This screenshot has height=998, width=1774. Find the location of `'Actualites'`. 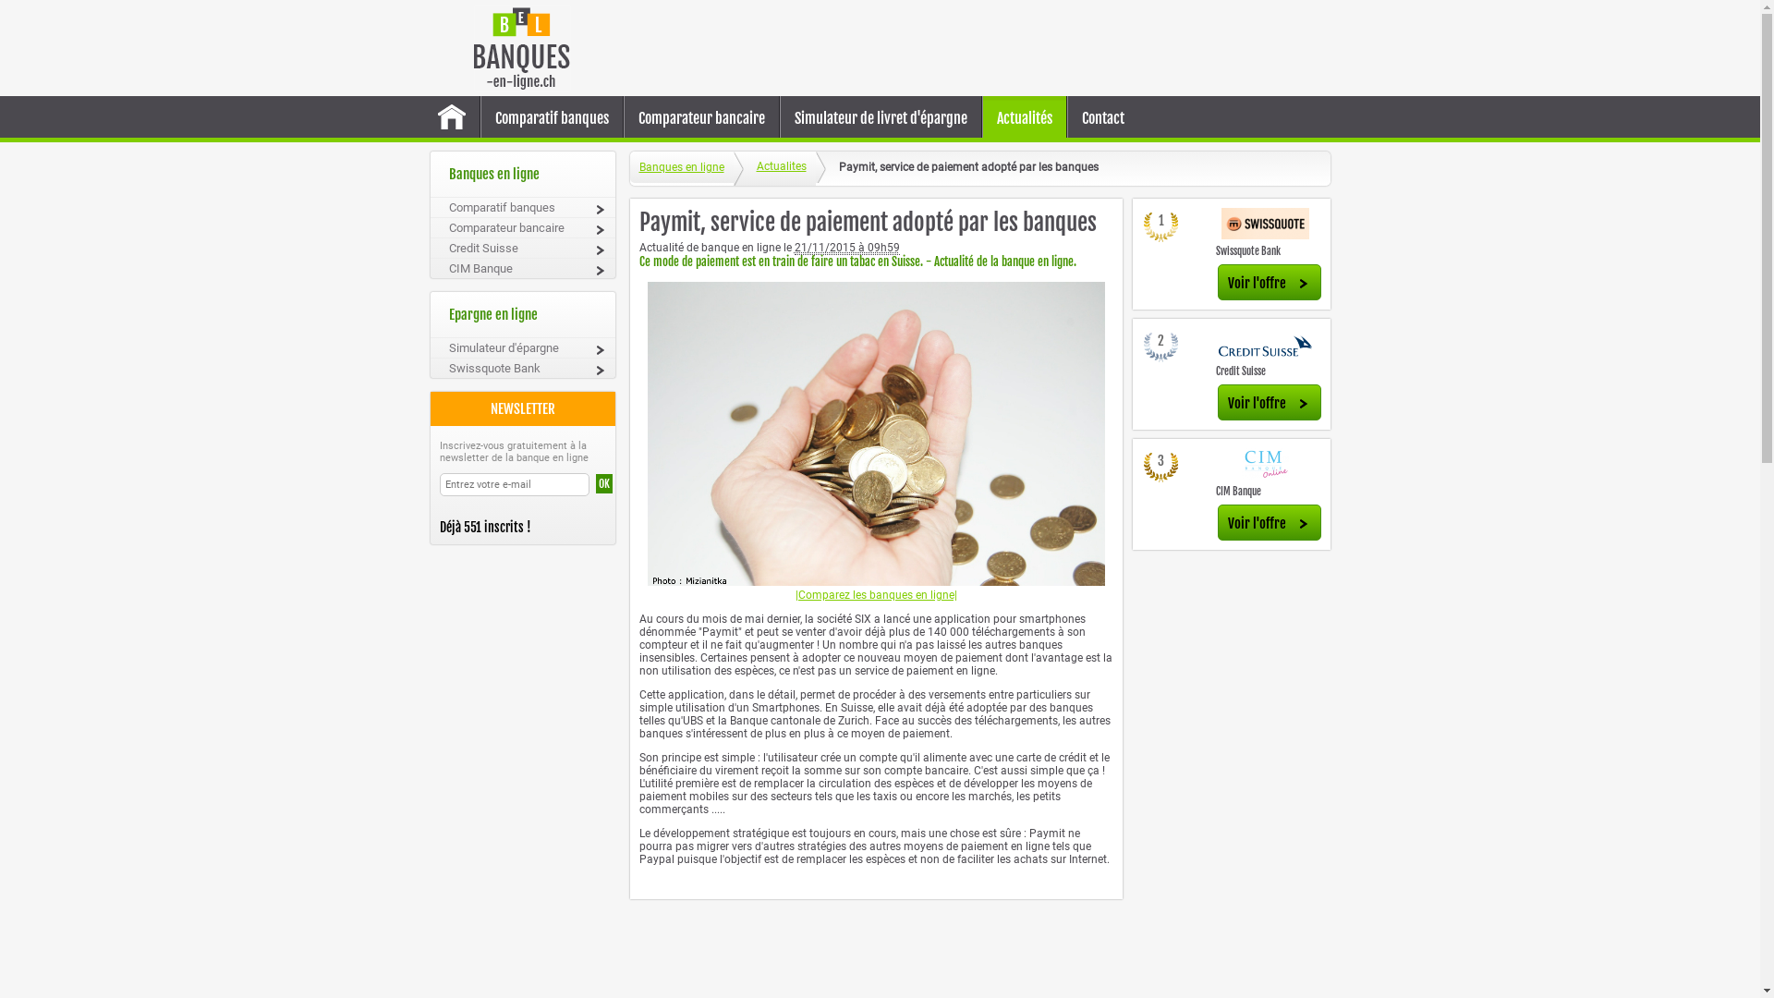

'Actualites' is located at coordinates (774, 168).